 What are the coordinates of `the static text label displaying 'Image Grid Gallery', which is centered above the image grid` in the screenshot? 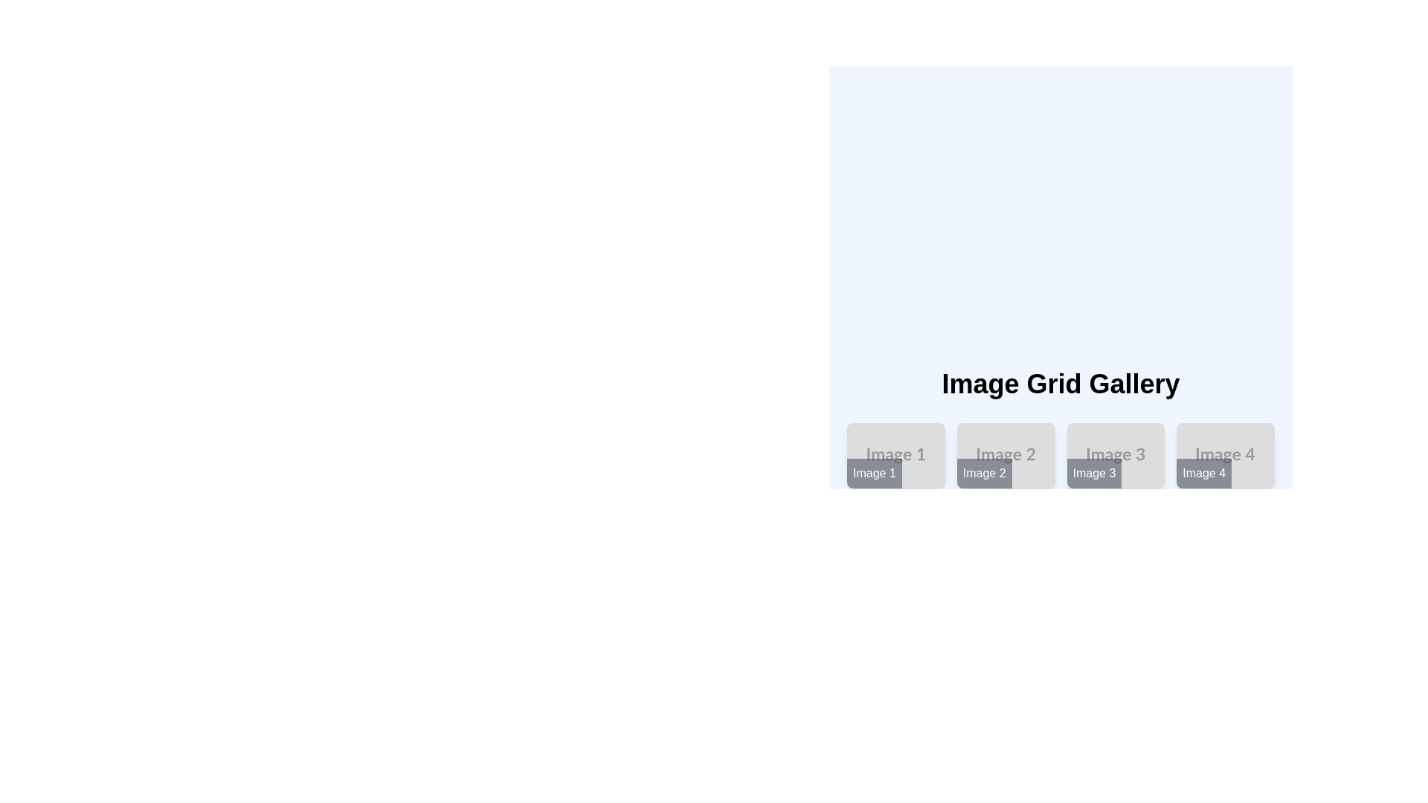 It's located at (1060, 384).